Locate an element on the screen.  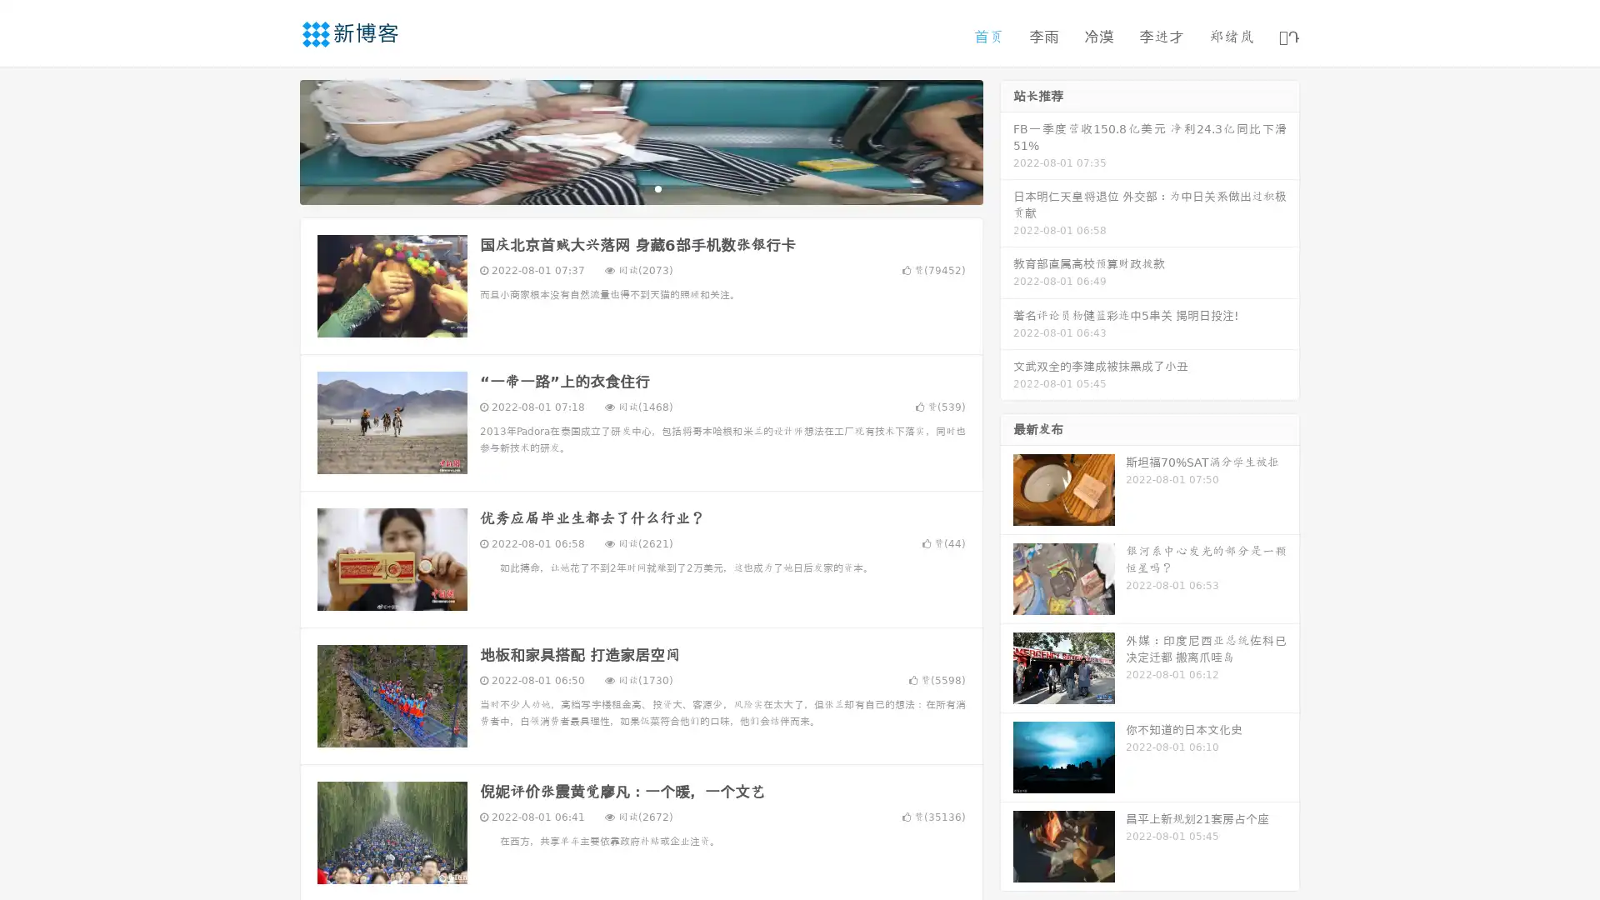
Go to slide 1 is located at coordinates (623, 187).